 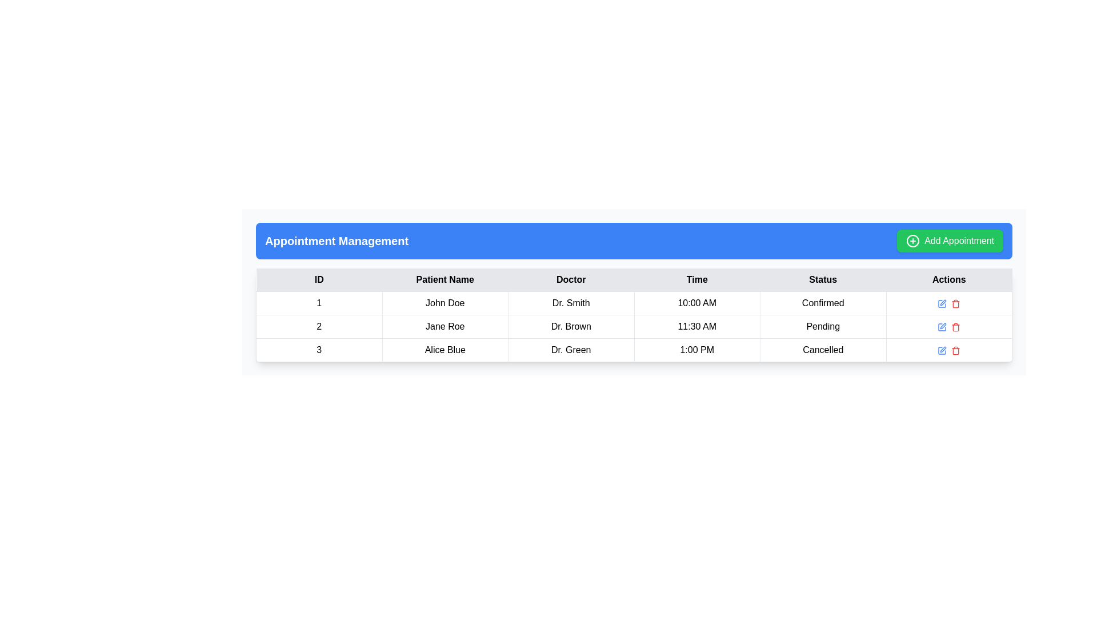 I want to click on the SVG icon located to the left of the 'Add Appointment' text within the green rounded button at the top-right corner of the interface, so click(x=912, y=240).